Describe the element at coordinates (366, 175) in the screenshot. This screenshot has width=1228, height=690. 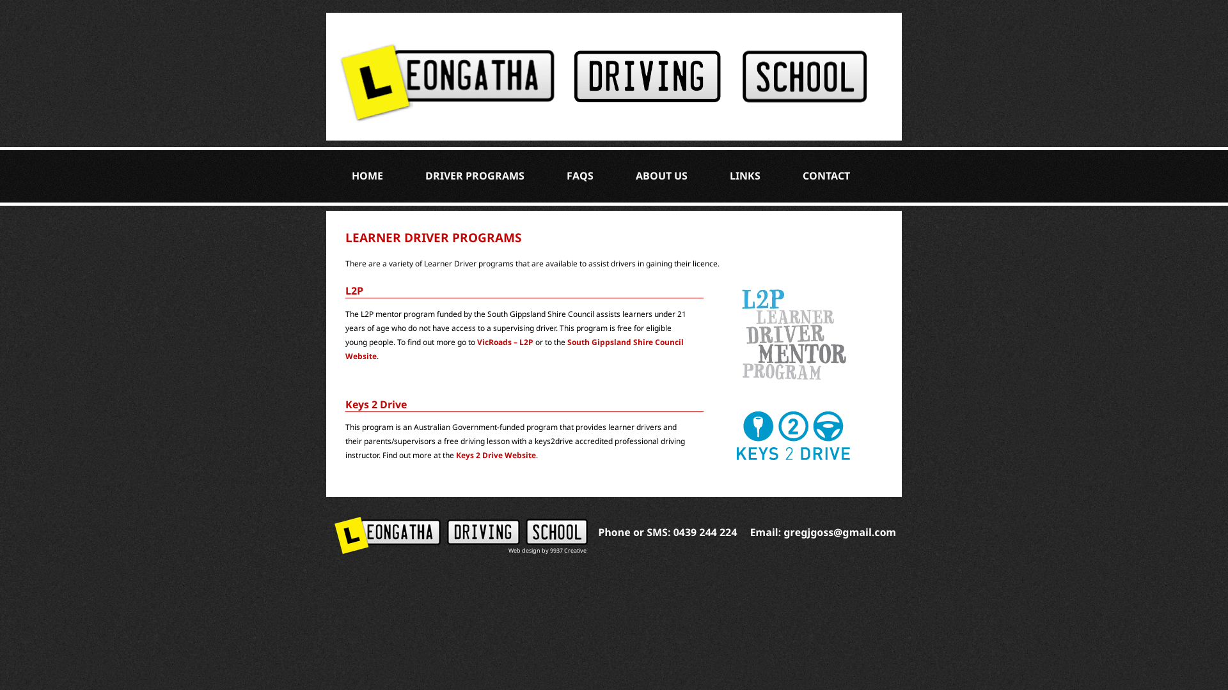
I see `'HOME'` at that location.